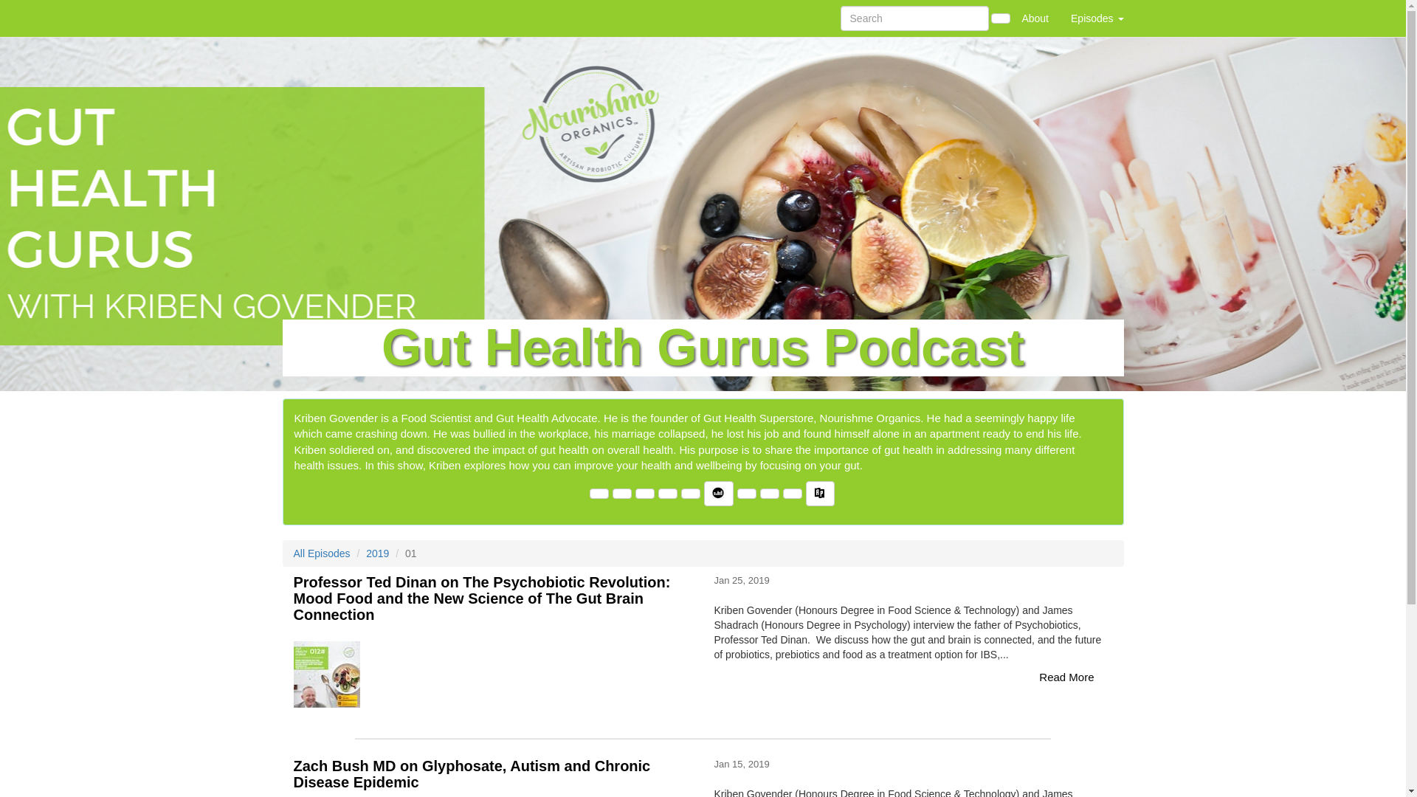  What do you see at coordinates (1034, 18) in the screenshot?
I see `'About'` at bounding box center [1034, 18].